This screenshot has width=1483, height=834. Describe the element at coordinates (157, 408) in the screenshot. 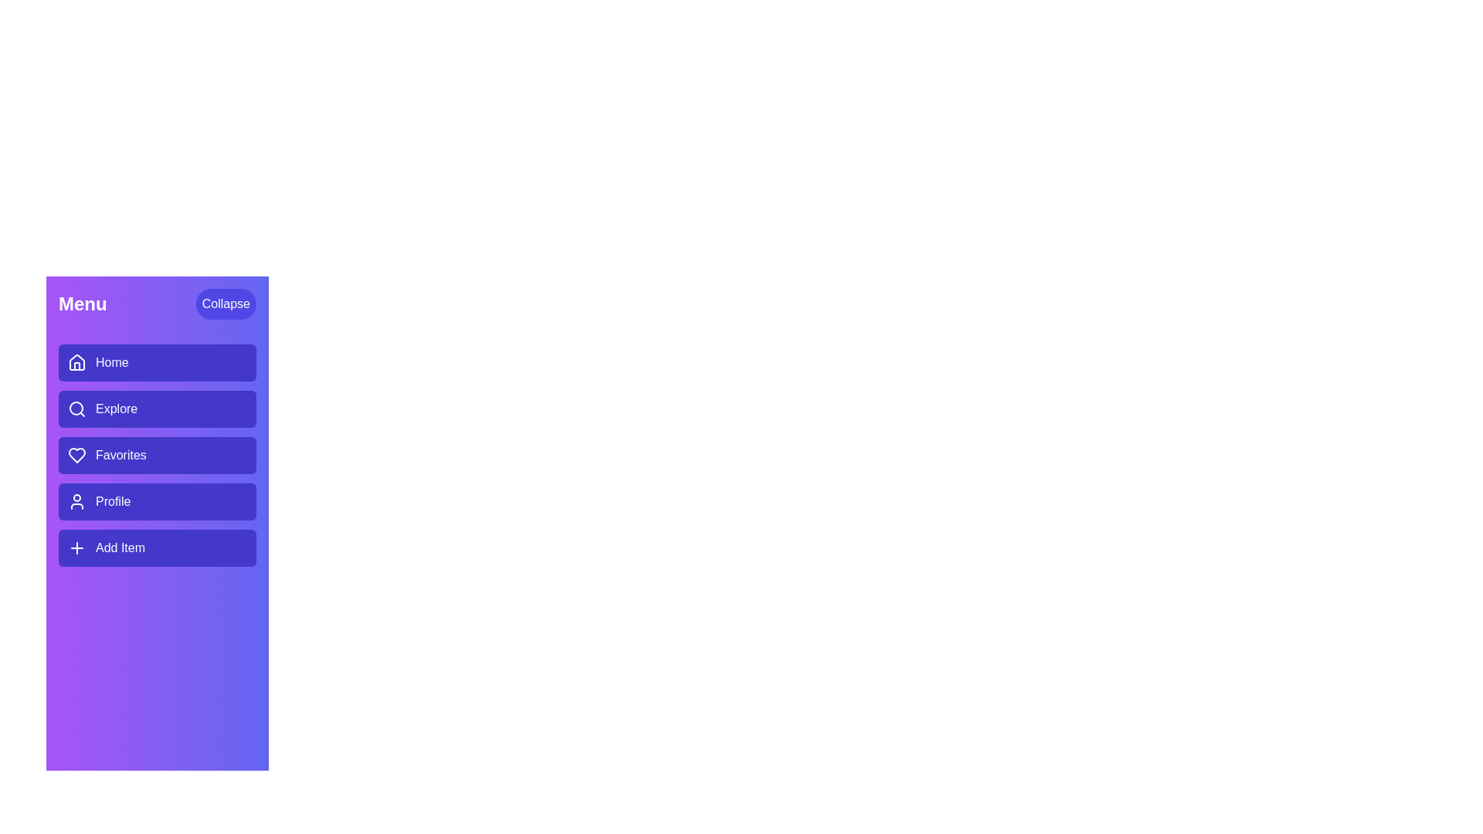

I see `the menu item Explore to navigate to its respective section` at that location.